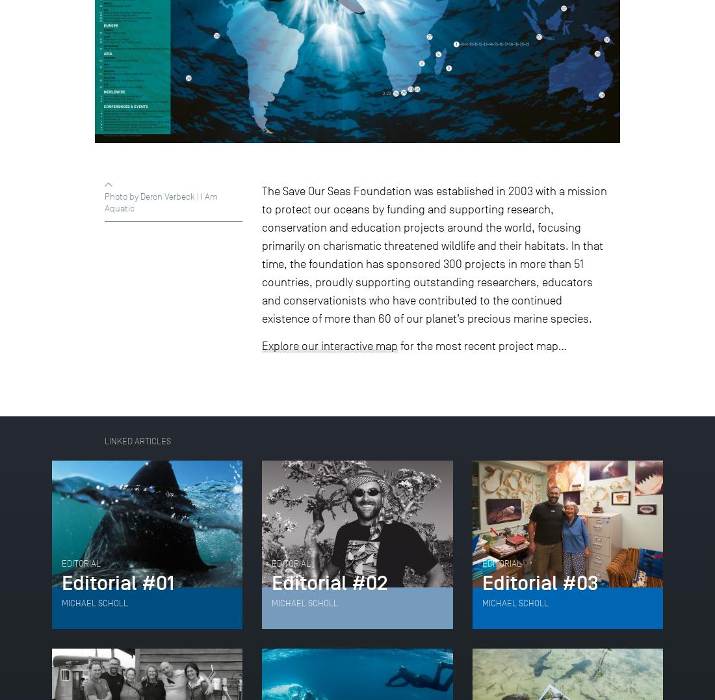  What do you see at coordinates (160, 202) in the screenshot?
I see `'Photo by Deron Verbeck | I Am Aquatic'` at bounding box center [160, 202].